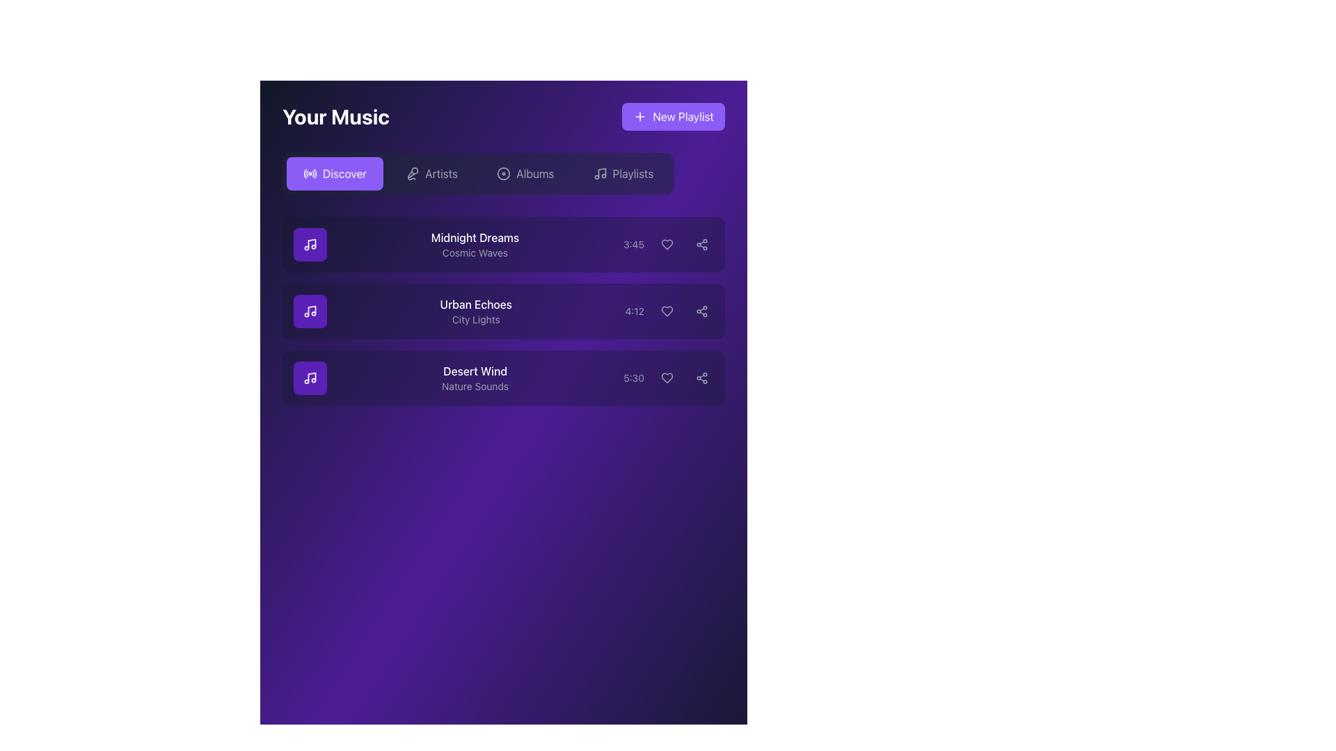 This screenshot has width=1336, height=751. What do you see at coordinates (674, 116) in the screenshot?
I see `the button located in the top-right corner of the interface, next to the 'Your Music' heading, to create a new playlist` at bounding box center [674, 116].